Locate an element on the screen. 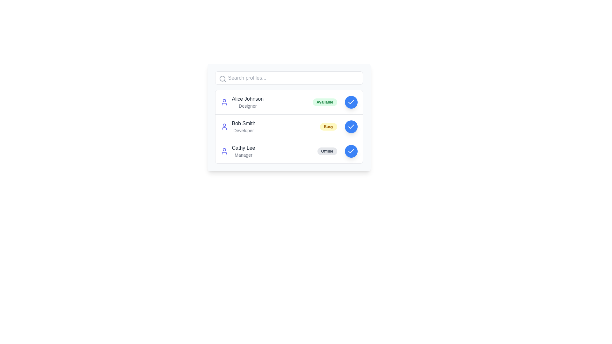 The image size is (612, 344). the card entry for 'Alice Johnson', which is the first entry in the user list is located at coordinates (288, 102).